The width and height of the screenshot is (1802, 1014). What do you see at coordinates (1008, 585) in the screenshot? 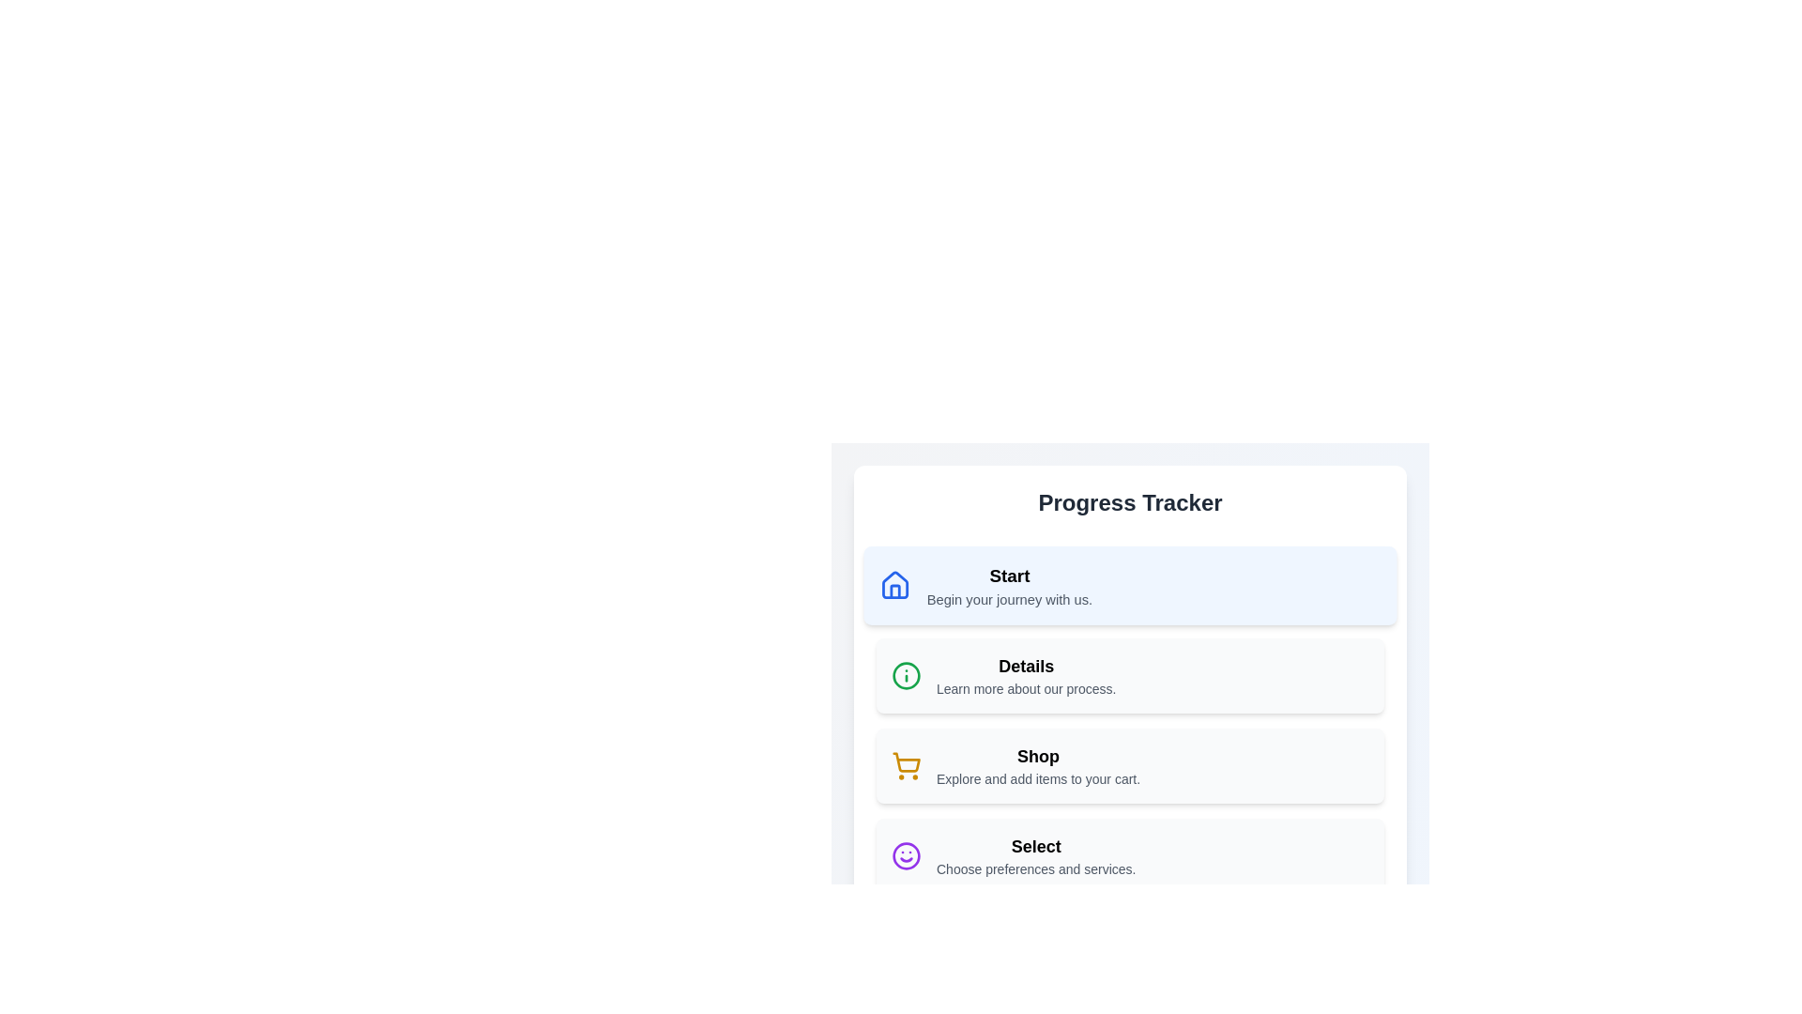
I see `text 'Start' and 'Begin your journey with us.' from the Text element in the first panel of the Progress Tracker section to understand its purpose` at bounding box center [1008, 585].